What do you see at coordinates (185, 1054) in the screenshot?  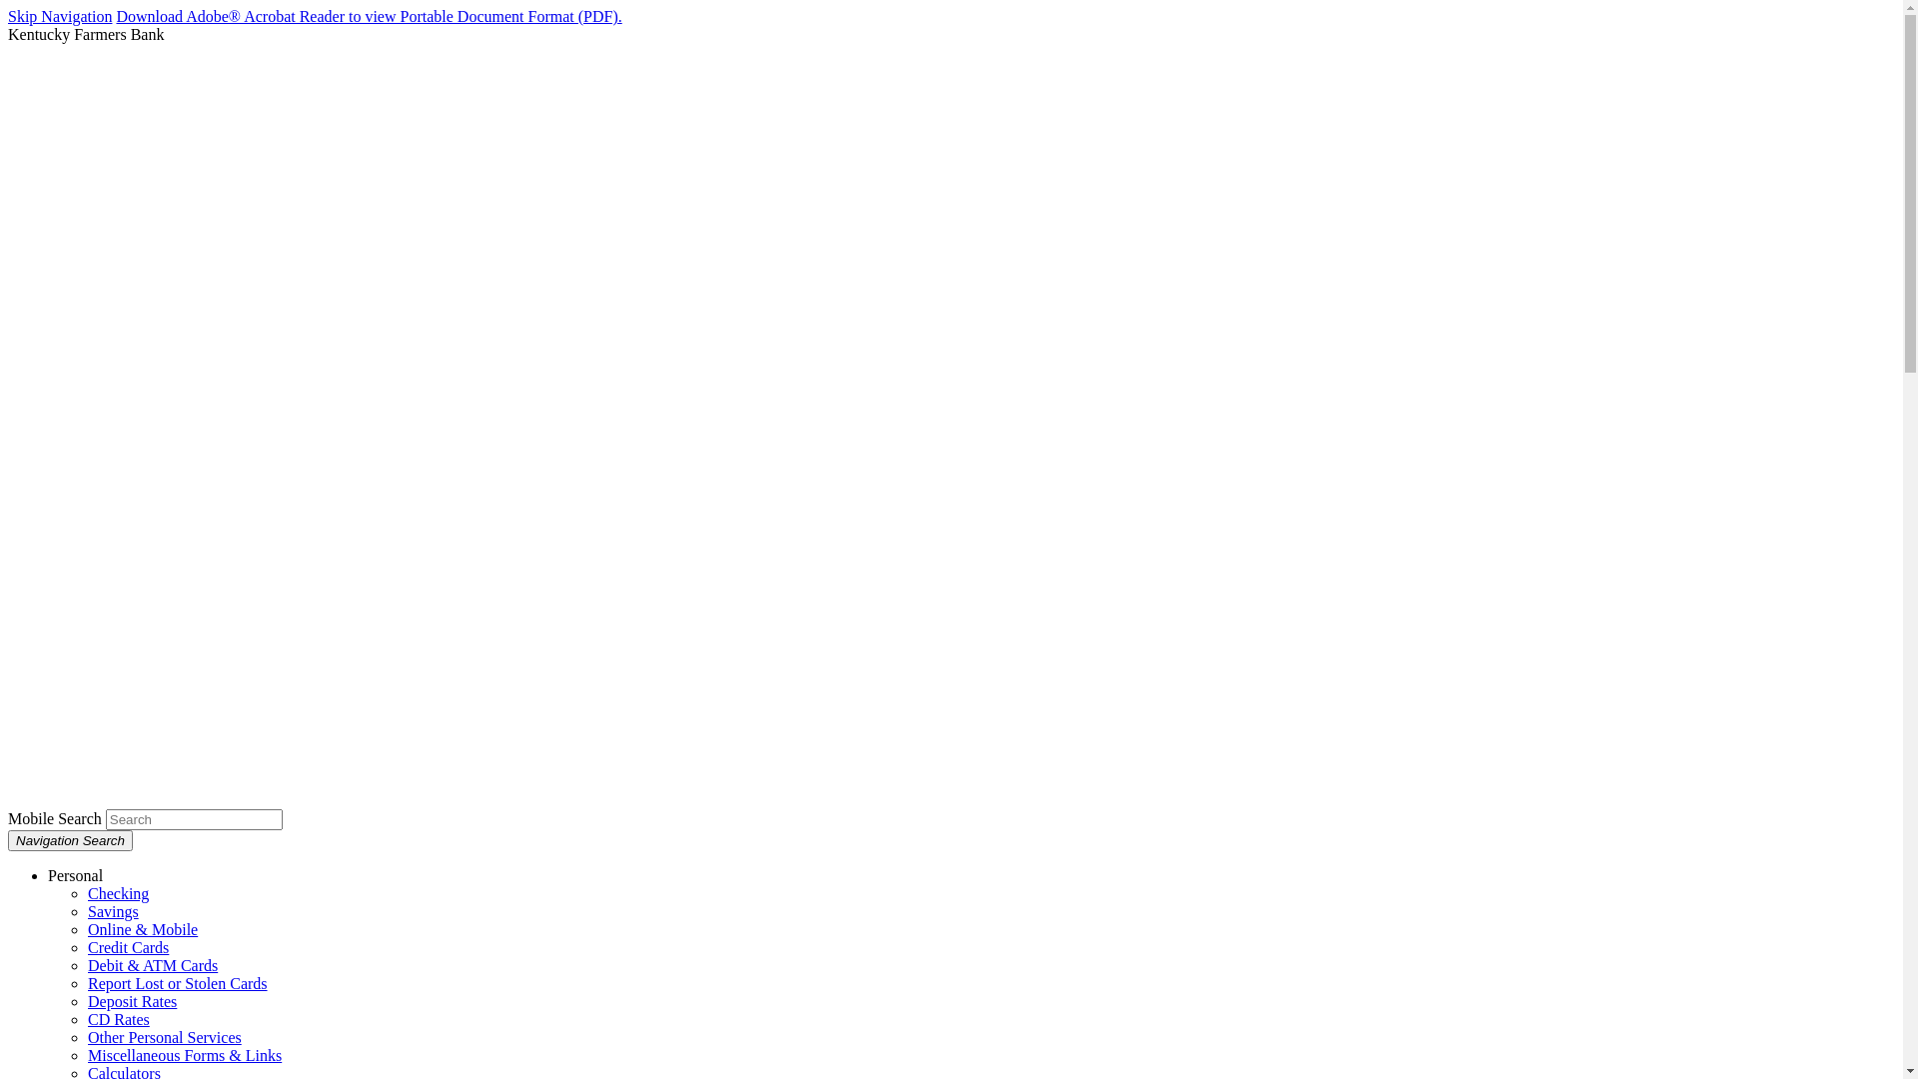 I see `'Miscellaneous Forms & Links'` at bounding box center [185, 1054].